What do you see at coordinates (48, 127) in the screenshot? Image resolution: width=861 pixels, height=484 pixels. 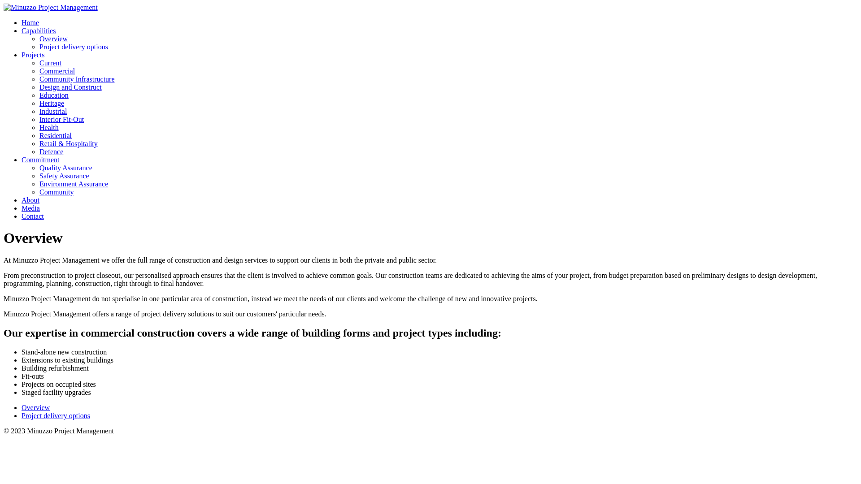 I see `'Health'` at bounding box center [48, 127].